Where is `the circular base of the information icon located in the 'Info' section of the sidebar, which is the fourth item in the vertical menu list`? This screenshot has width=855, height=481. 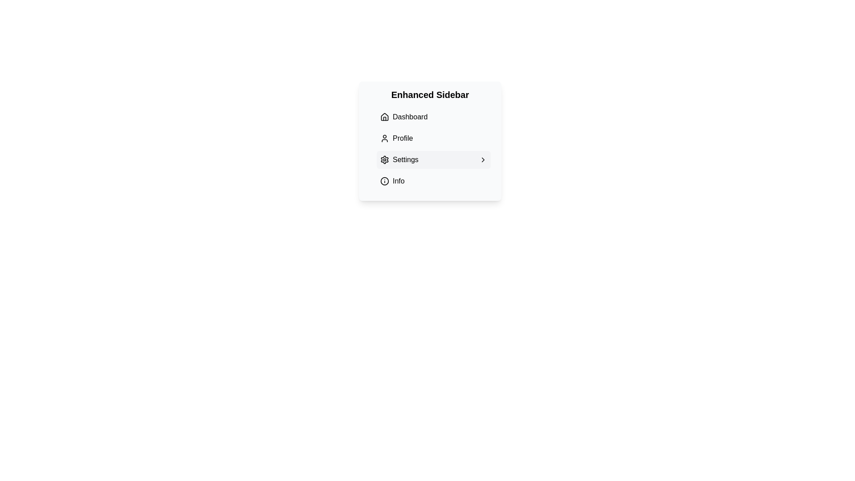 the circular base of the information icon located in the 'Info' section of the sidebar, which is the fourth item in the vertical menu list is located at coordinates (385, 181).